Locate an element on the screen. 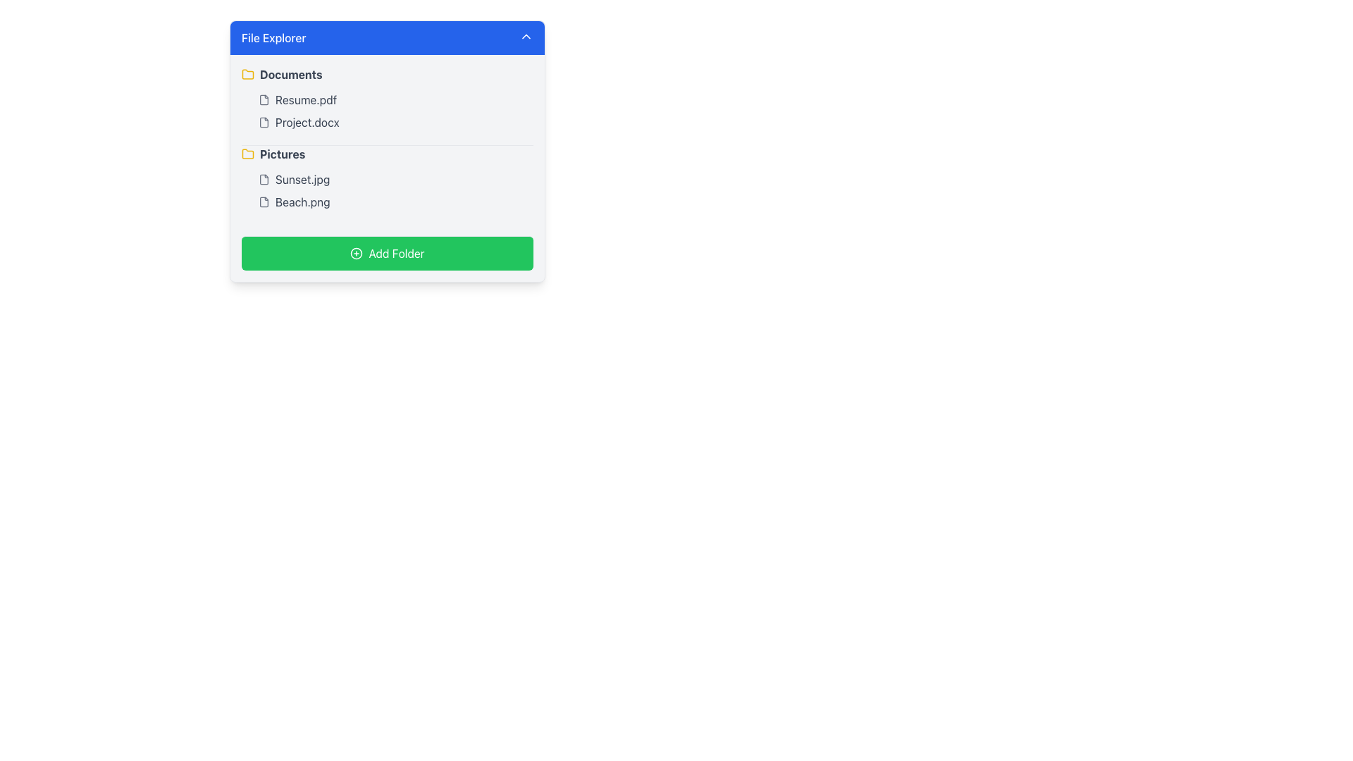 This screenshot has height=761, width=1353. the circular '+' icon located on the left side of the 'Add Folder' button is located at coordinates (357, 252).